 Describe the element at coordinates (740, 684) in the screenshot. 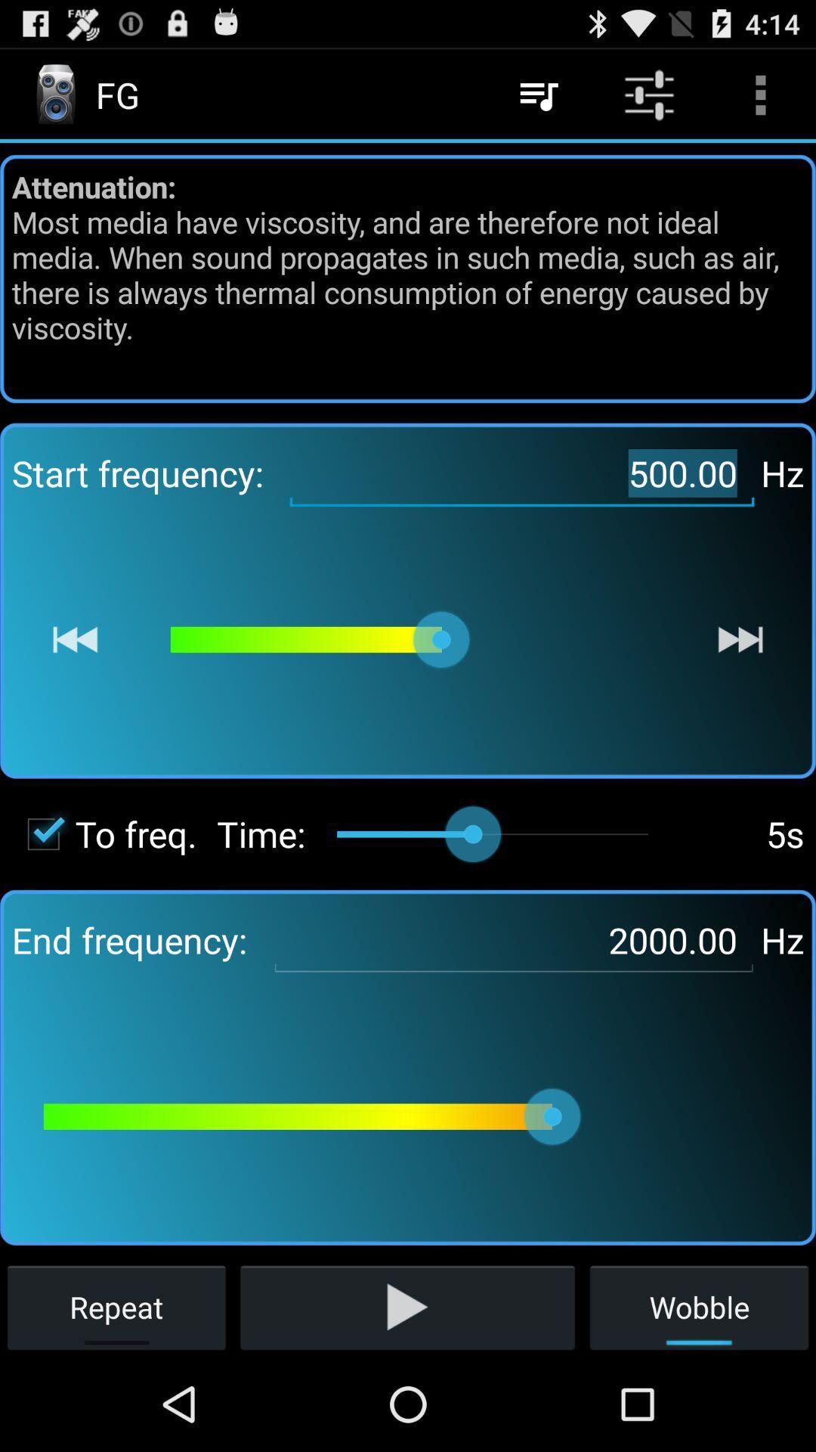

I see `the skip_next icon` at that location.